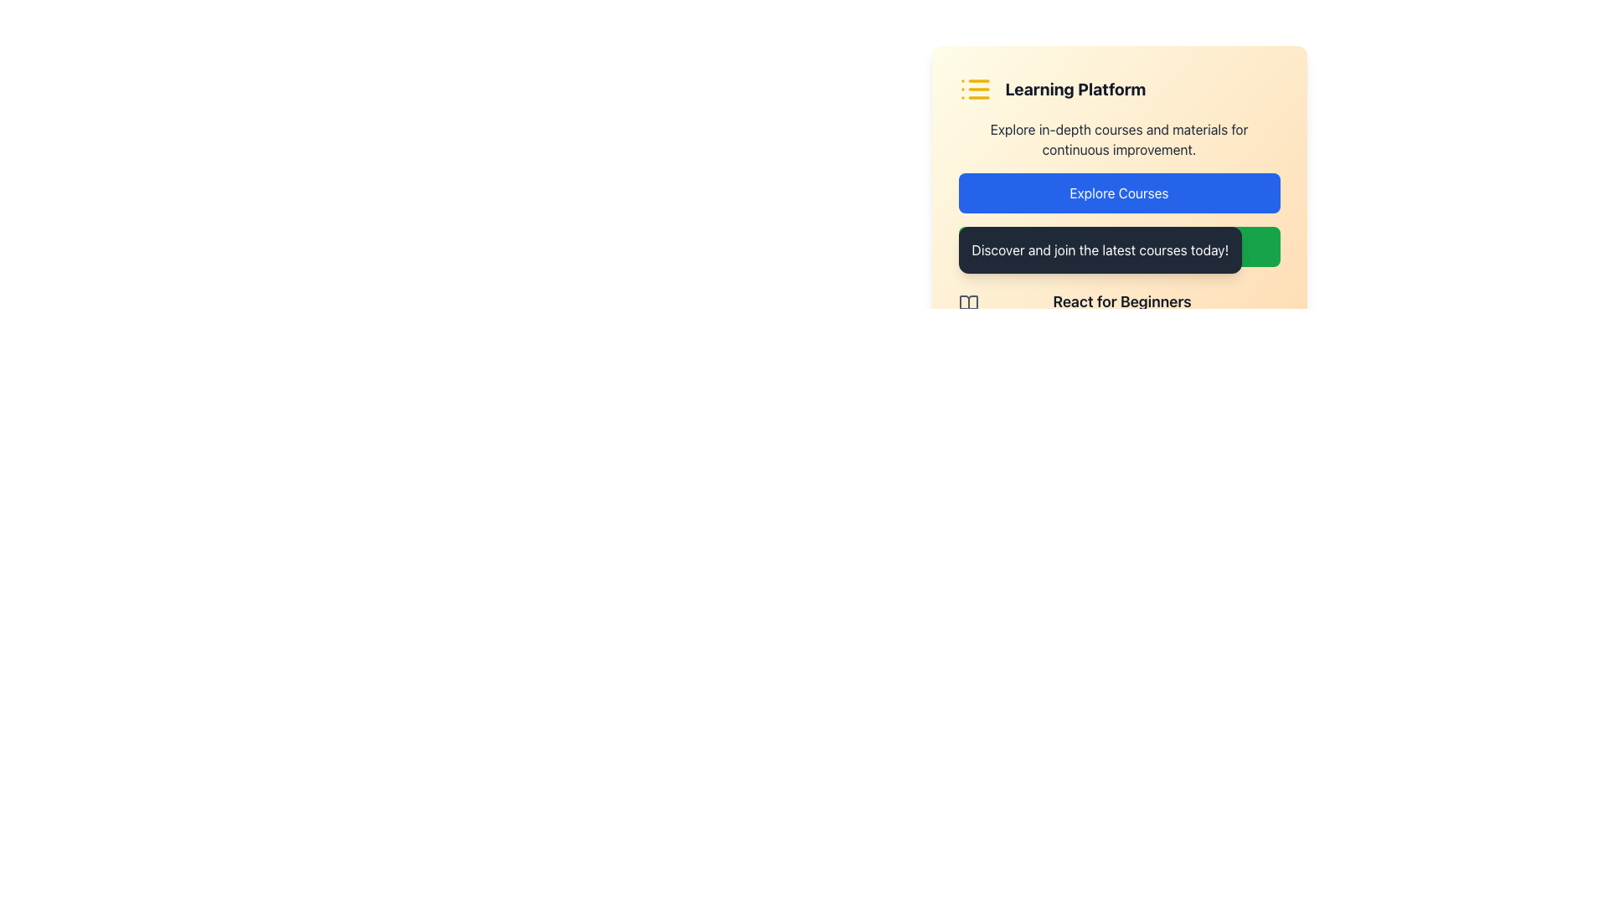 The width and height of the screenshot is (1608, 904). Describe the element at coordinates (1119, 264) in the screenshot. I see `the tooltip pop-up containing the text 'Discover and join the latest courses today!' to trigger changes related to course options` at that location.